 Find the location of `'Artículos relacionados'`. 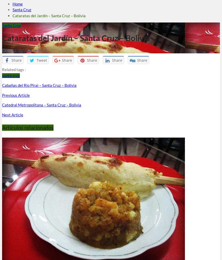

'Artículos relacionados' is located at coordinates (27, 127).